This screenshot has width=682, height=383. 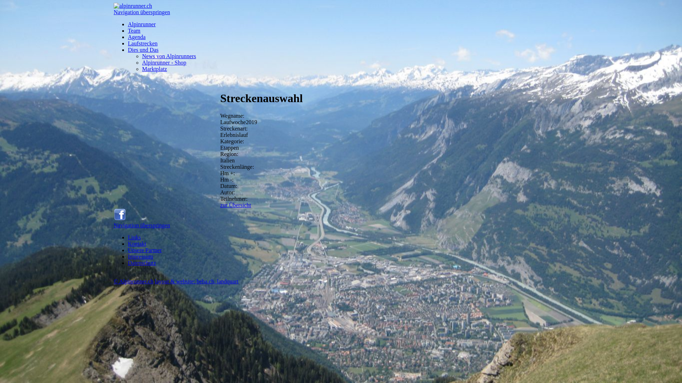 I want to click on 'Unsere Partner', so click(x=145, y=250).